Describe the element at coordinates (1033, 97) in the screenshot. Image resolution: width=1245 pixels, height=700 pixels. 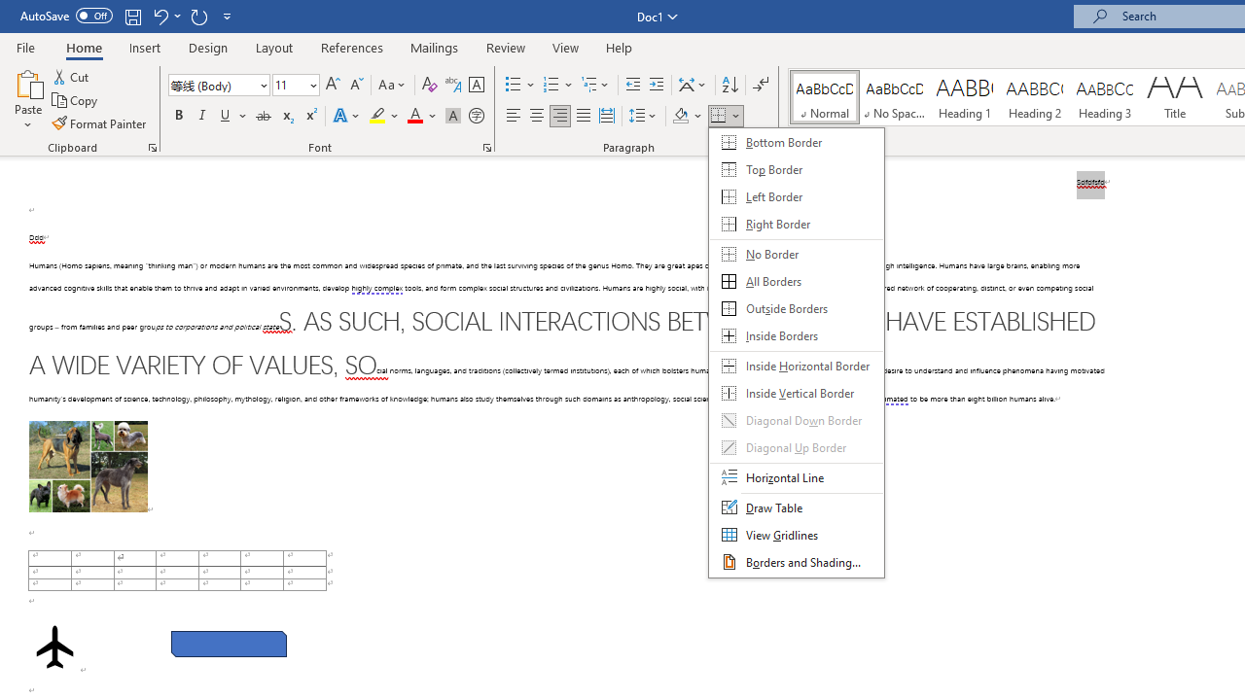
I see `'Heading 2'` at that location.